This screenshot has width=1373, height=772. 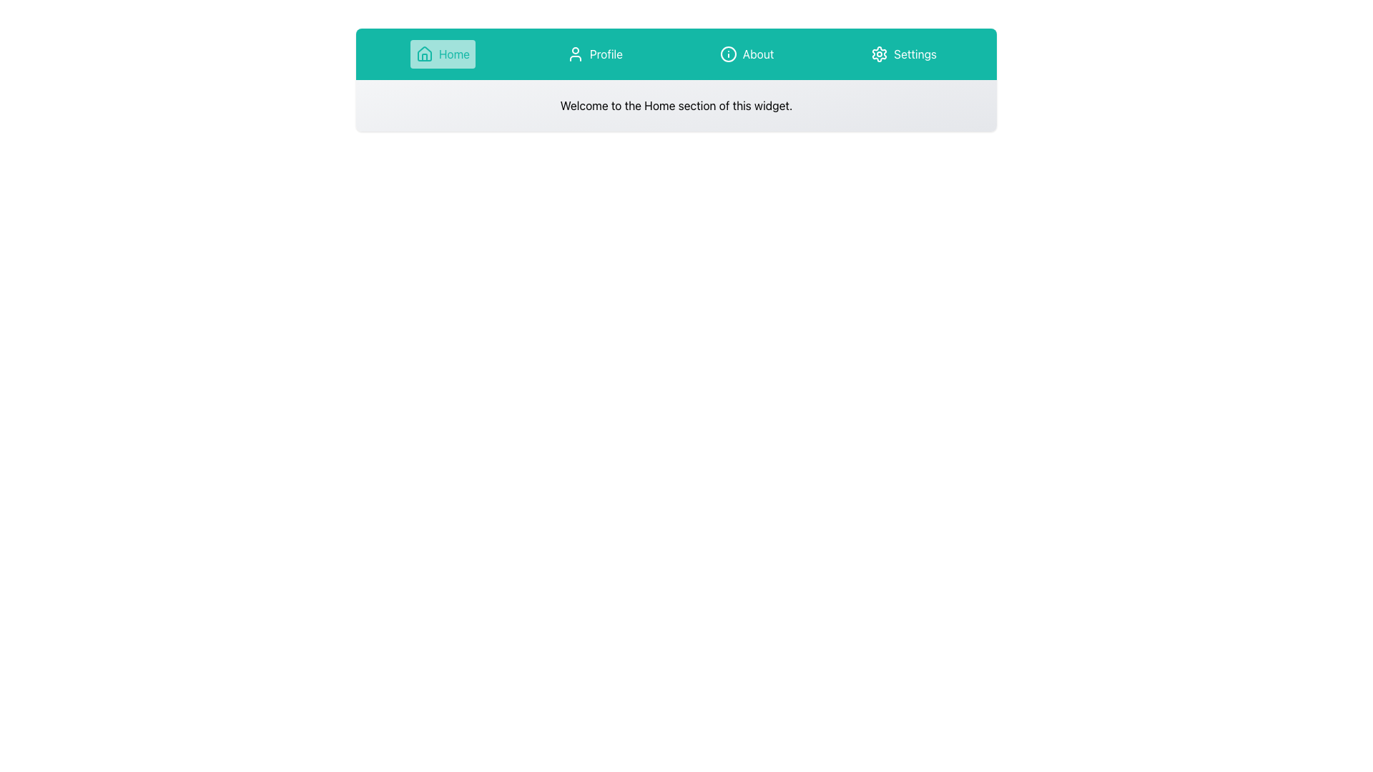 What do you see at coordinates (442, 54) in the screenshot?
I see `the 'Home' button with a teal background located in the navigation bar at the top of the interface` at bounding box center [442, 54].